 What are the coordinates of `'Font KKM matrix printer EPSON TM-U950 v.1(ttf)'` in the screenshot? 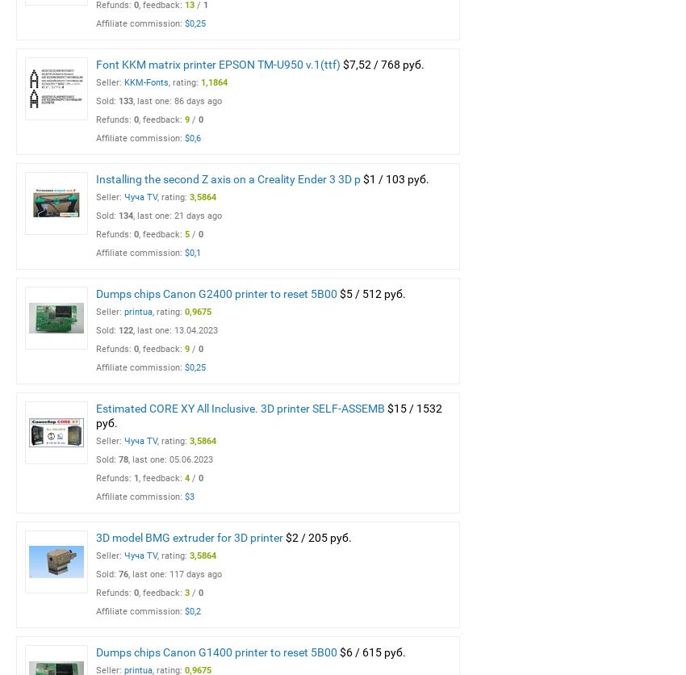 It's located at (95, 65).